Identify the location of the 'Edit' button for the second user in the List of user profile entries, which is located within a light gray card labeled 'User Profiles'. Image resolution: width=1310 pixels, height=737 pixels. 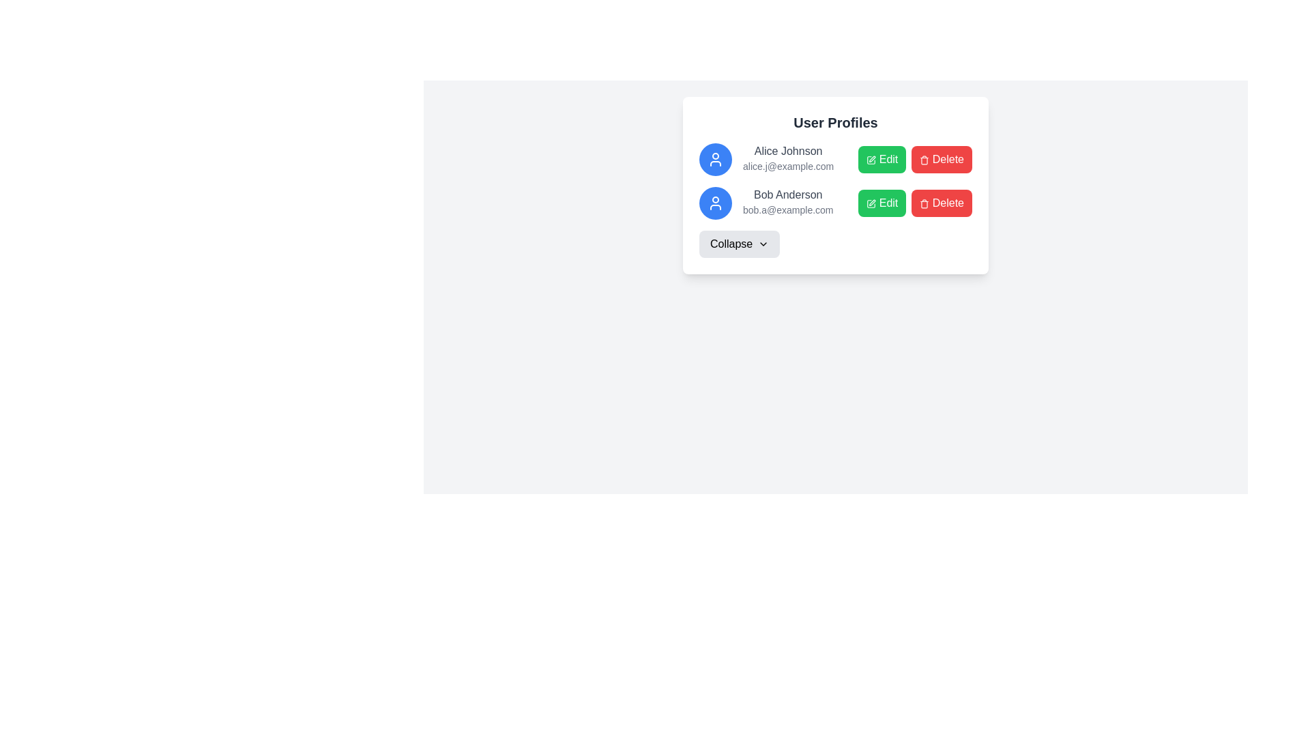
(834, 181).